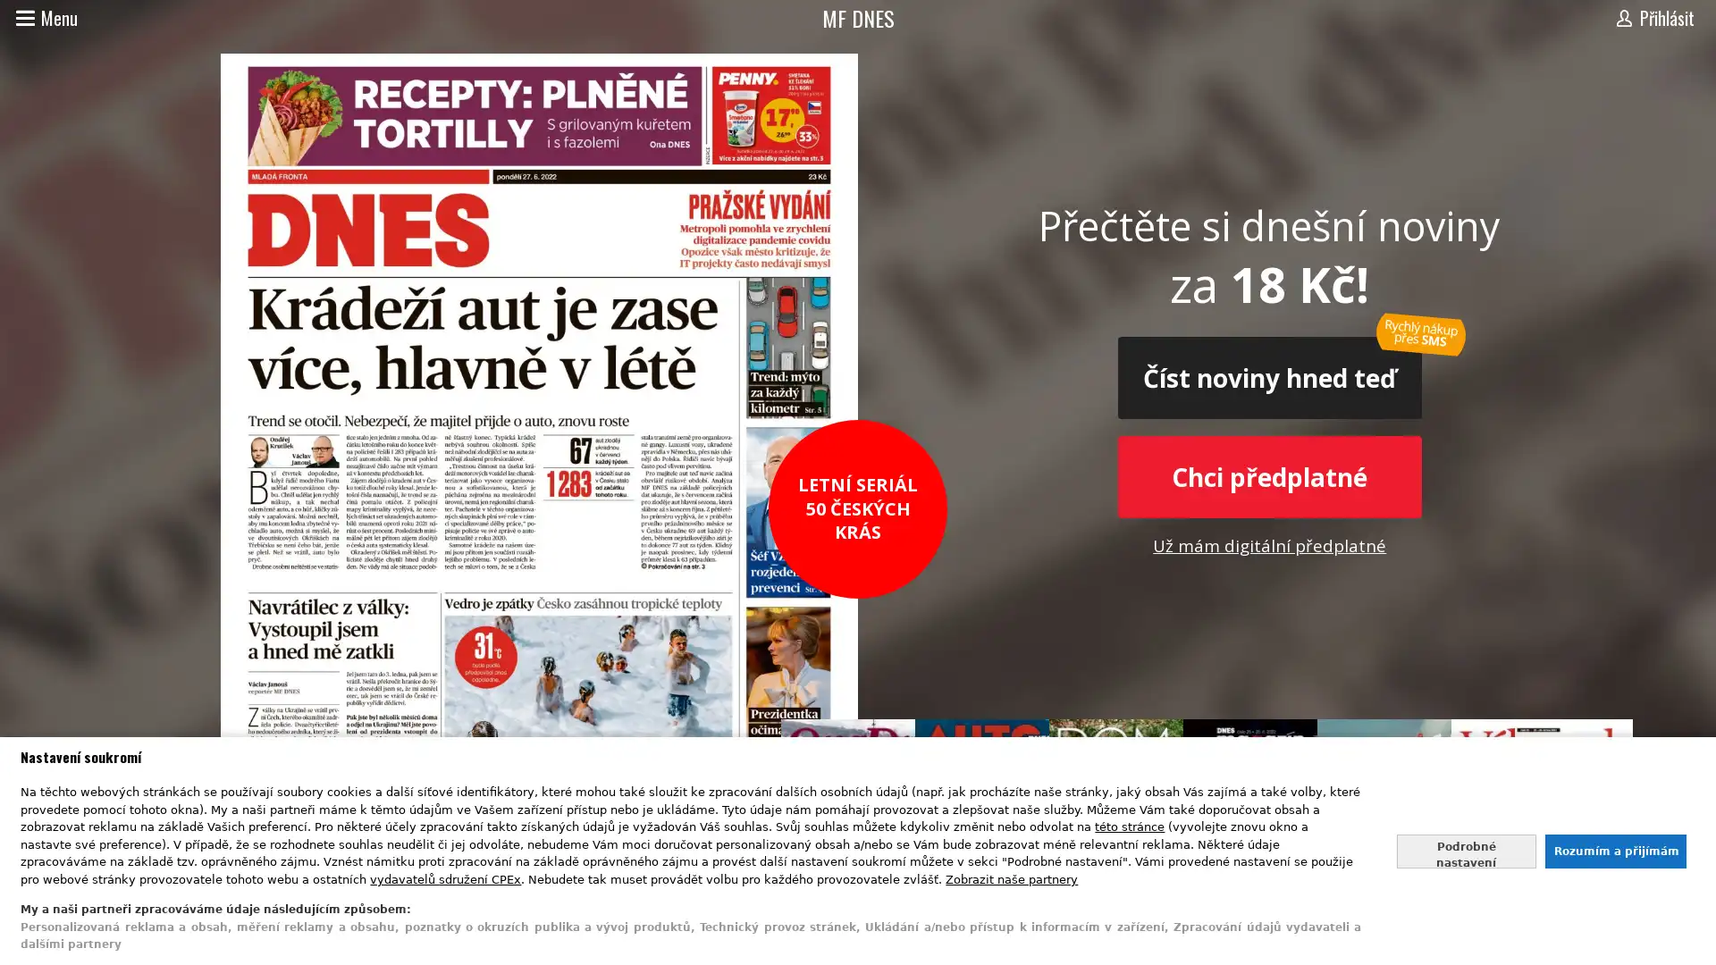  What do you see at coordinates (1466, 850) in the screenshot?
I see `Nastavte sve souhlasy` at bounding box center [1466, 850].